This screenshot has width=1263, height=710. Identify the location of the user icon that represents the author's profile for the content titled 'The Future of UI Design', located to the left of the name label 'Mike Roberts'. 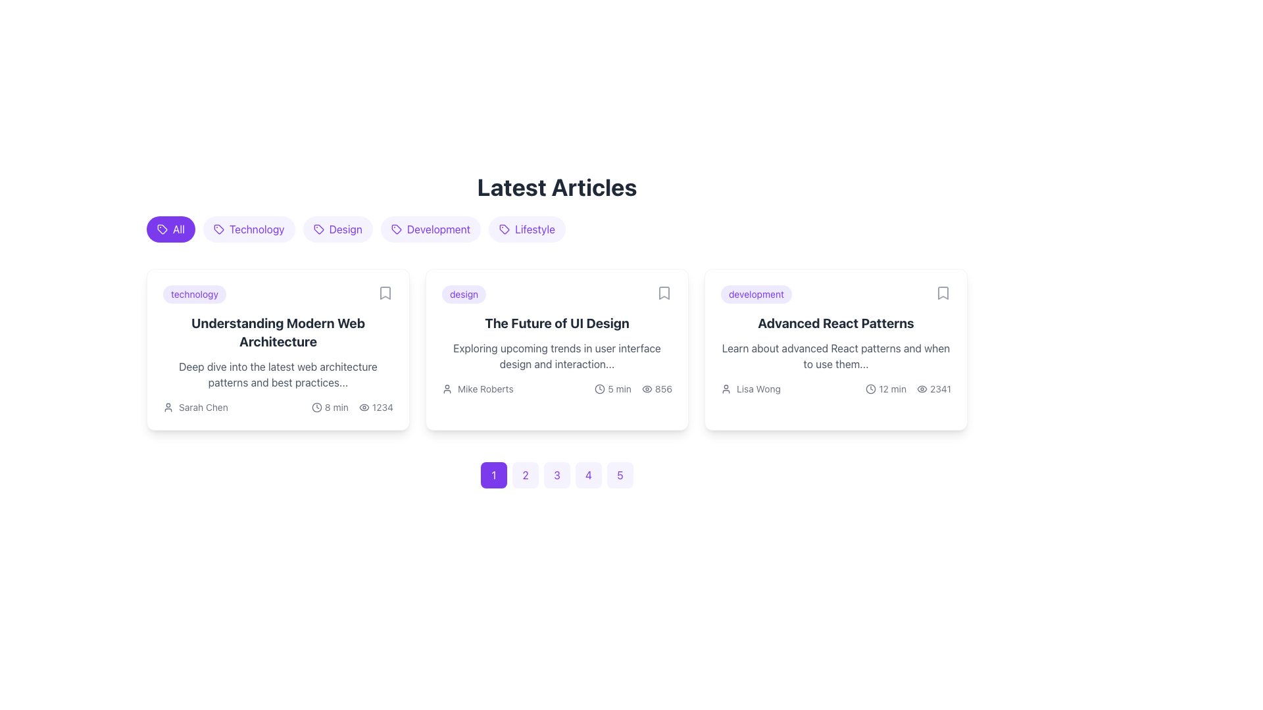
(447, 388).